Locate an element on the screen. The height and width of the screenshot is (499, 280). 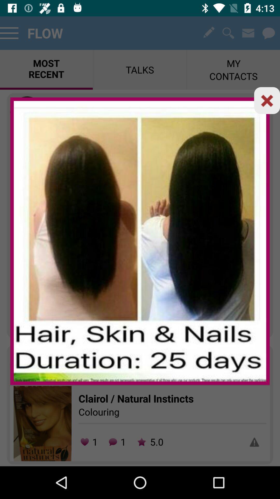
the menu icon is located at coordinates (12, 33).